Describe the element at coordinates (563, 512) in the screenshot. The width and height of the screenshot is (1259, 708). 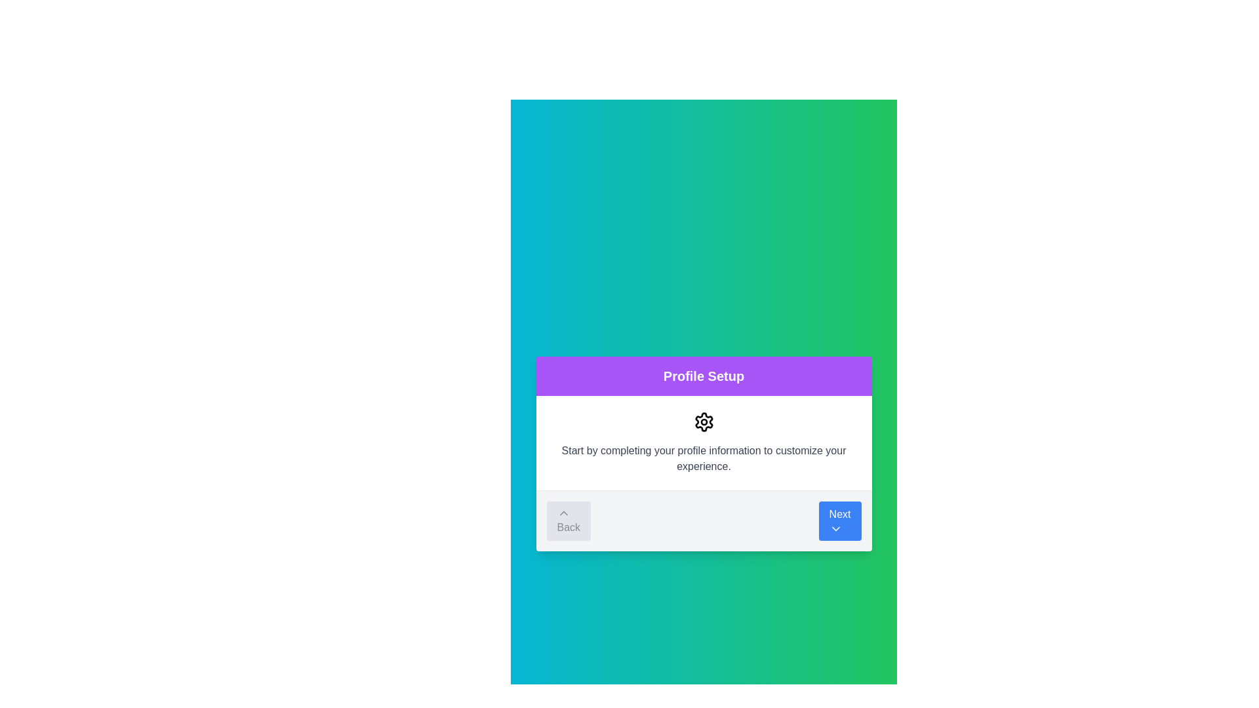
I see `the visual indicator icon located within the 'Back' button on the left side of the footer section of the dialog box` at that location.